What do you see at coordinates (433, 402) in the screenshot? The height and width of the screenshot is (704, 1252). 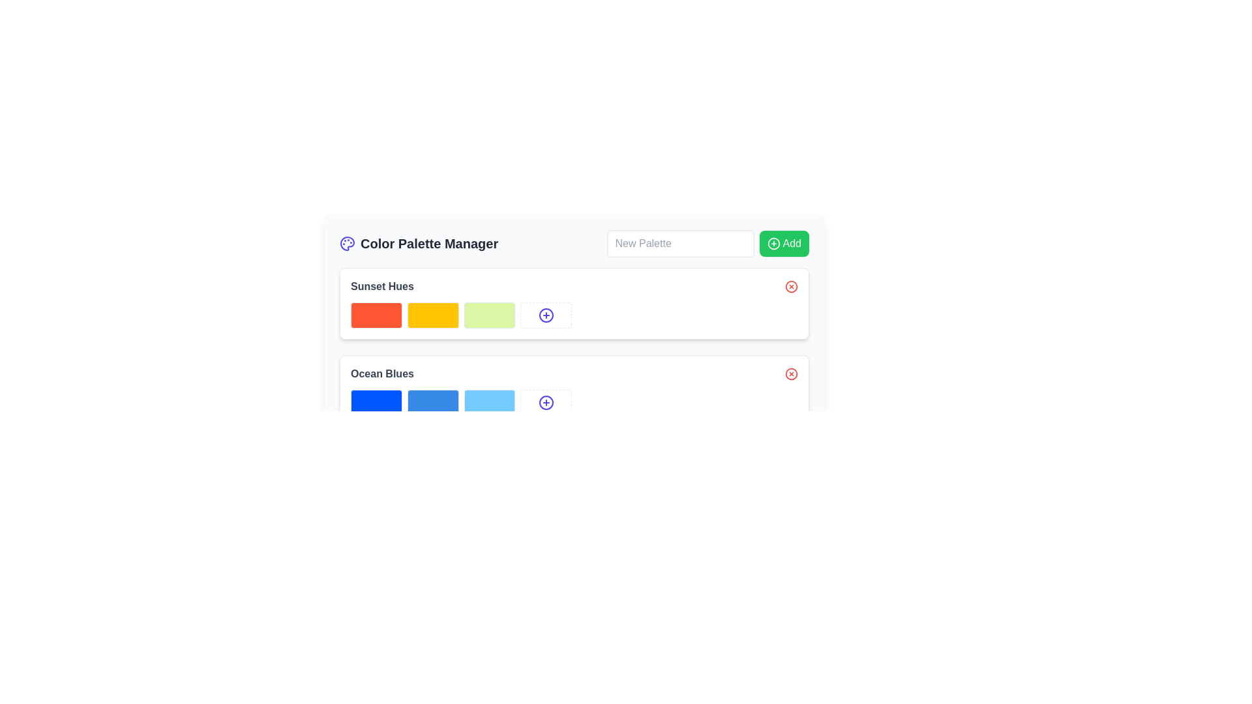 I see `the second color swatch in the 'Ocean Blues' section, which is a rectangular blue component with rounded corners` at bounding box center [433, 402].